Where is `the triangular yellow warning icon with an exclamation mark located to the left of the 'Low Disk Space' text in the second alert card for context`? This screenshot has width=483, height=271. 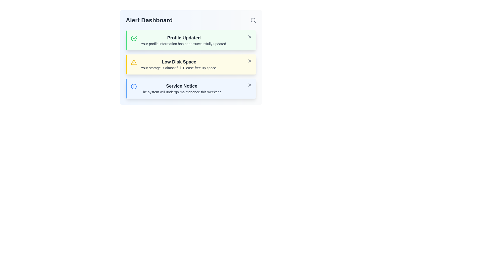
the triangular yellow warning icon with an exclamation mark located to the left of the 'Low Disk Space' text in the second alert card for context is located at coordinates (134, 62).